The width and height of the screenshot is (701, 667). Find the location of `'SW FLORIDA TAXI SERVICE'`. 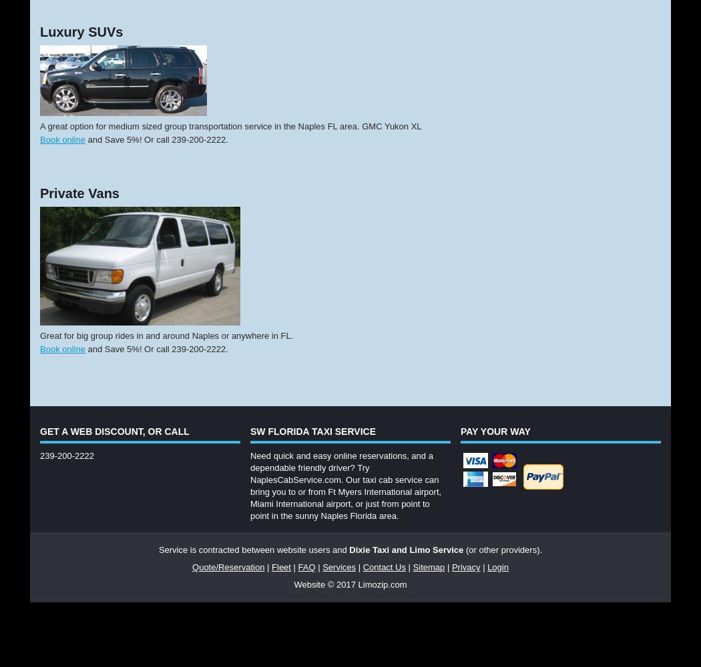

'SW FLORIDA TAXI SERVICE' is located at coordinates (249, 432).